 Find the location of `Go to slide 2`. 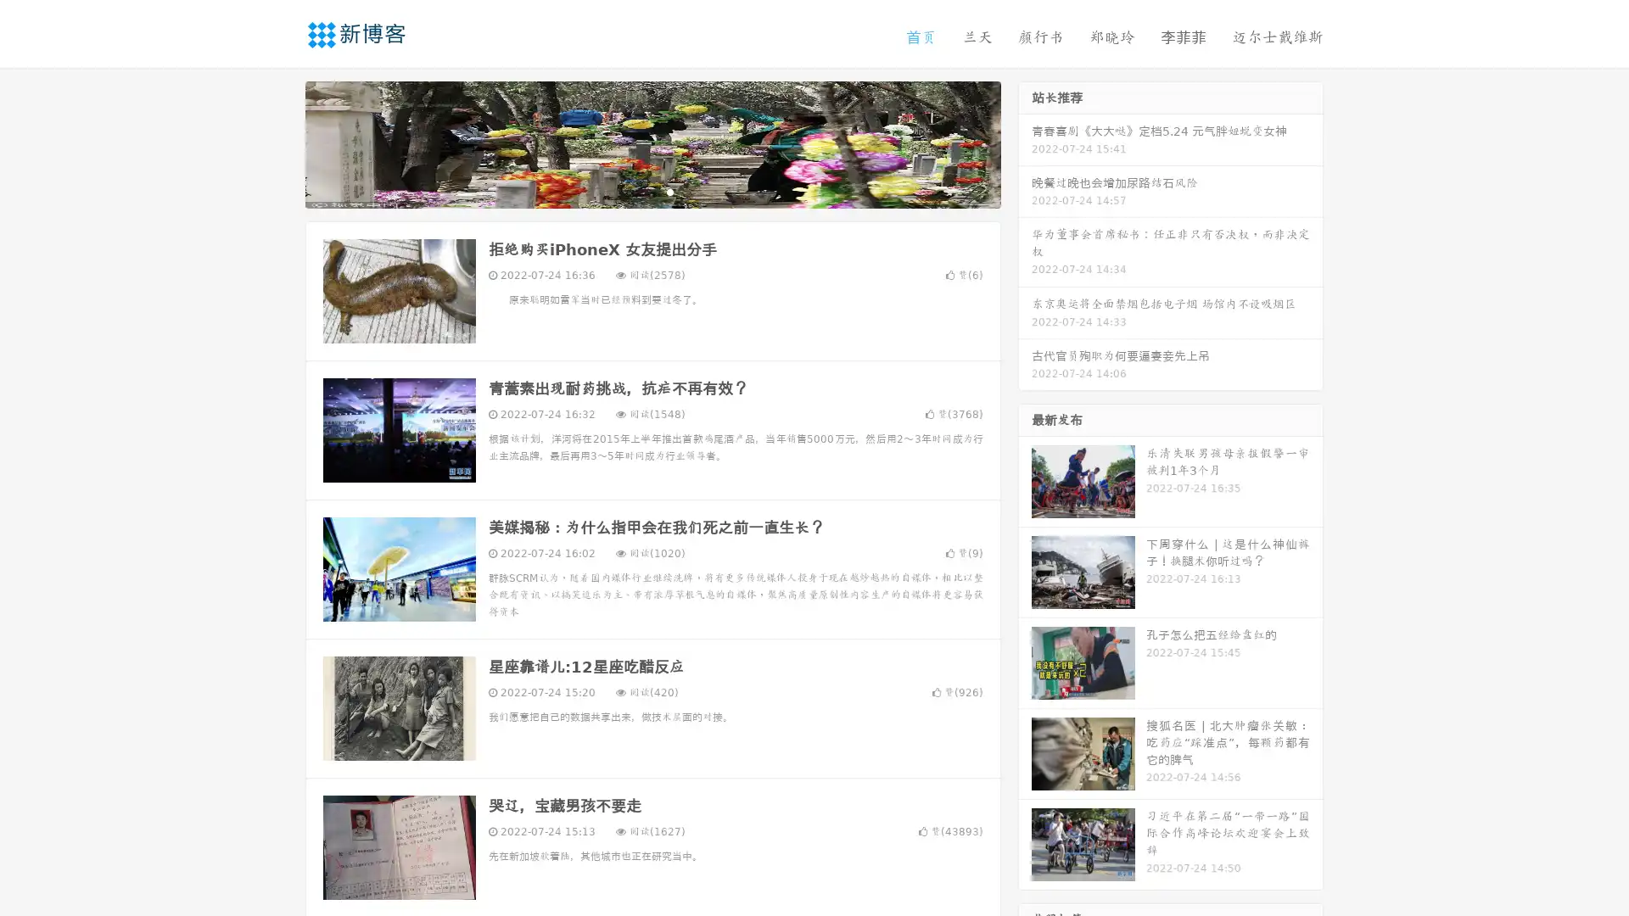

Go to slide 2 is located at coordinates (652, 191).